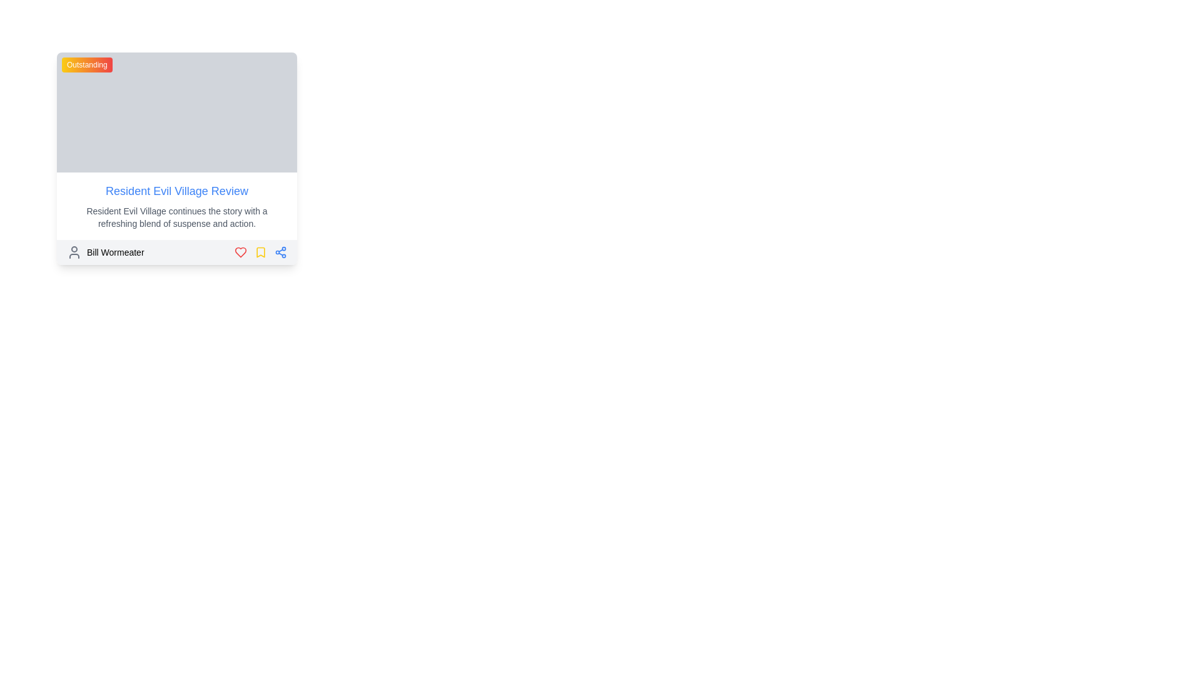  I want to click on the text paragraph that provides a summary reading 'Resident Evil Village continues the story with a refreshing blend of suspense and action.', so click(176, 216).